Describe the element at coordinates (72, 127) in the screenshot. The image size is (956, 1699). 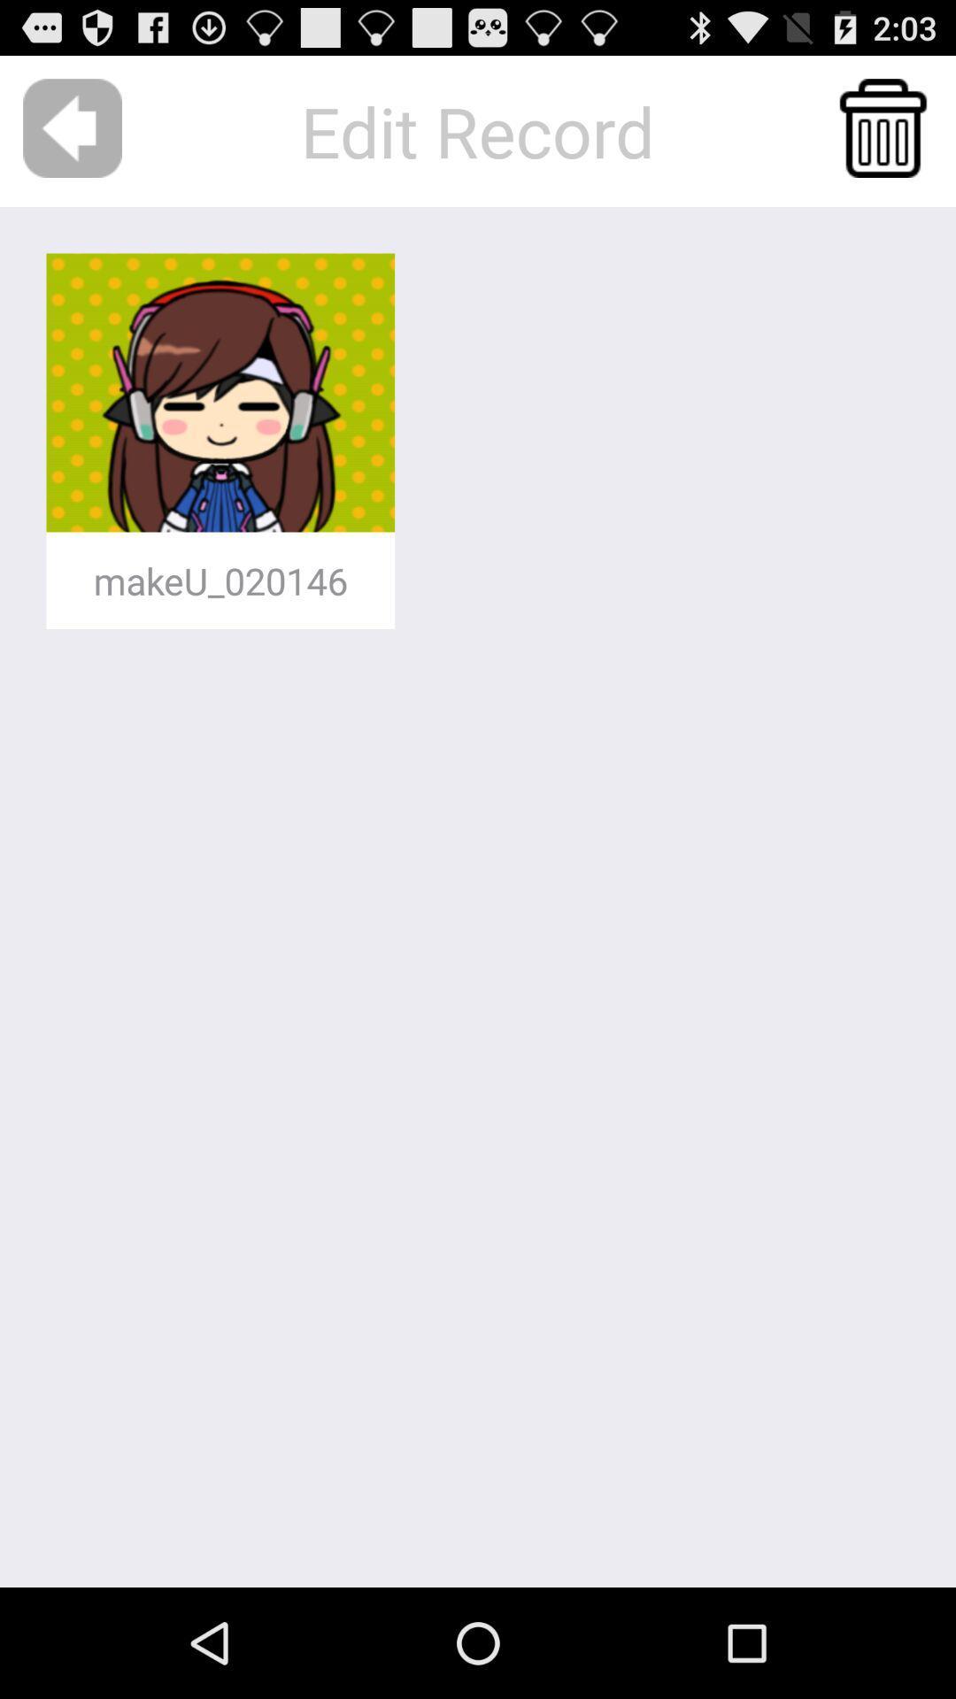
I see `the item next to edit record icon` at that location.